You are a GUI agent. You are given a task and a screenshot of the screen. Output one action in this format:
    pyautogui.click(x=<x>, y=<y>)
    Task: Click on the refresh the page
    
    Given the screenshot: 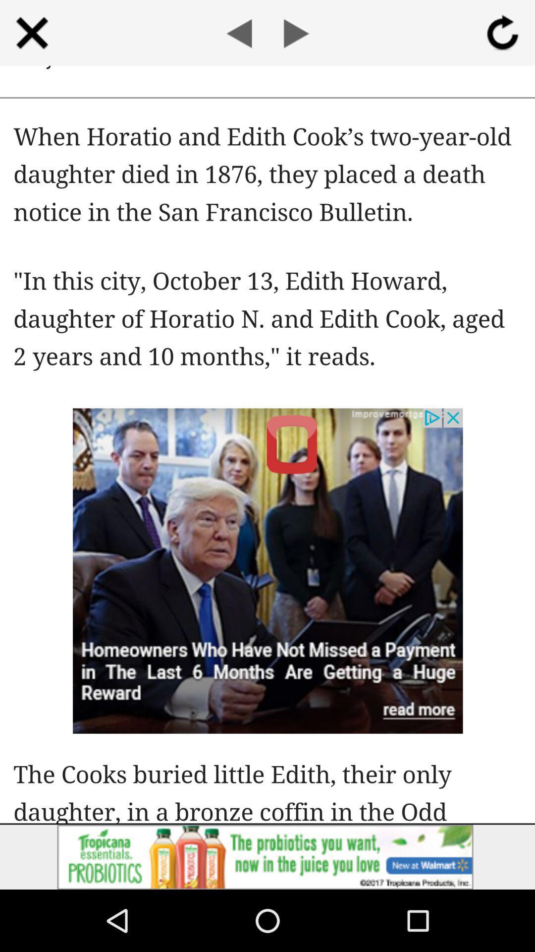 What is the action you would take?
    pyautogui.click(x=503, y=33)
    